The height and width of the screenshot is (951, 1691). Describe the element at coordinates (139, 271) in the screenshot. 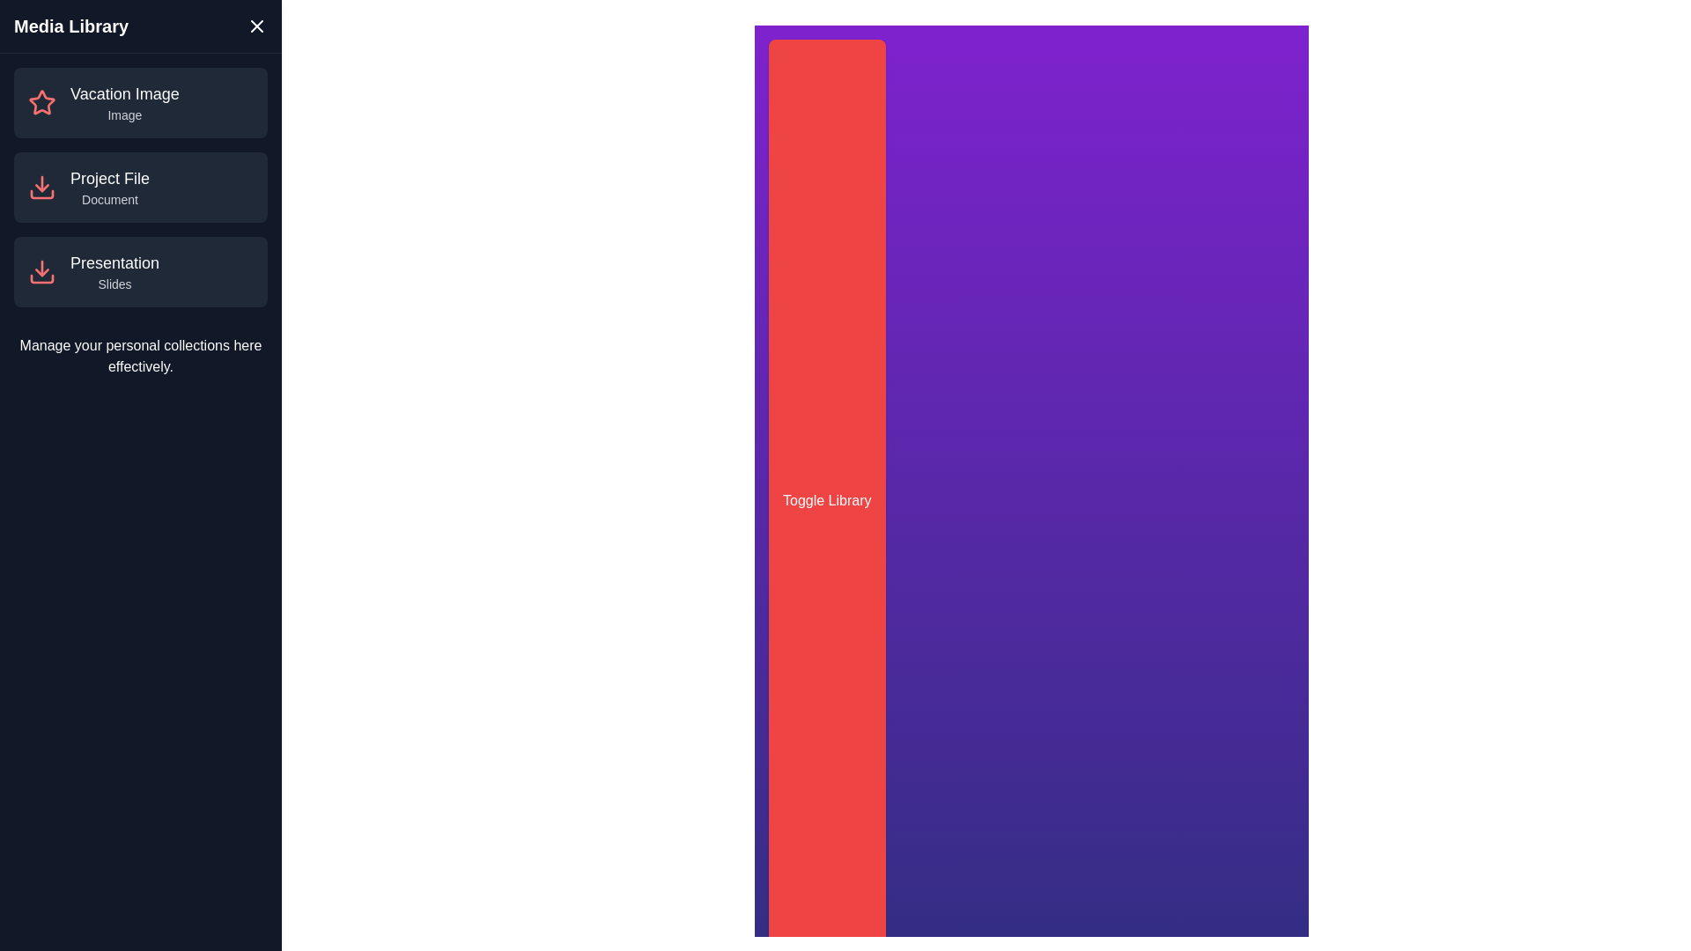

I see `the media item named Presentation from the list` at that location.